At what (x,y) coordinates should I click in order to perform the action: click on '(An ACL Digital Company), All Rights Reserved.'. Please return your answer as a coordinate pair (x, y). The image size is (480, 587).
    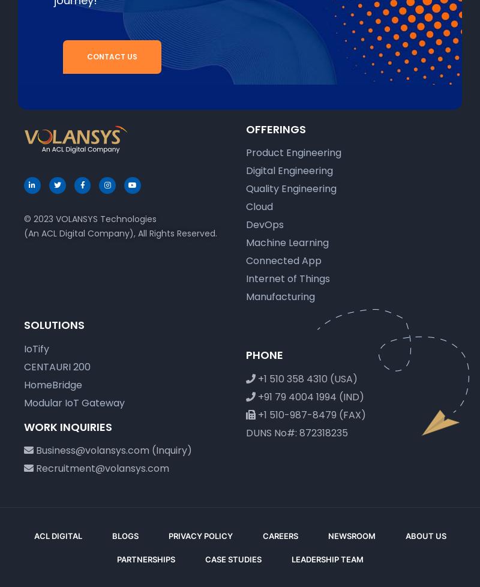
    Looking at the image, I should click on (121, 232).